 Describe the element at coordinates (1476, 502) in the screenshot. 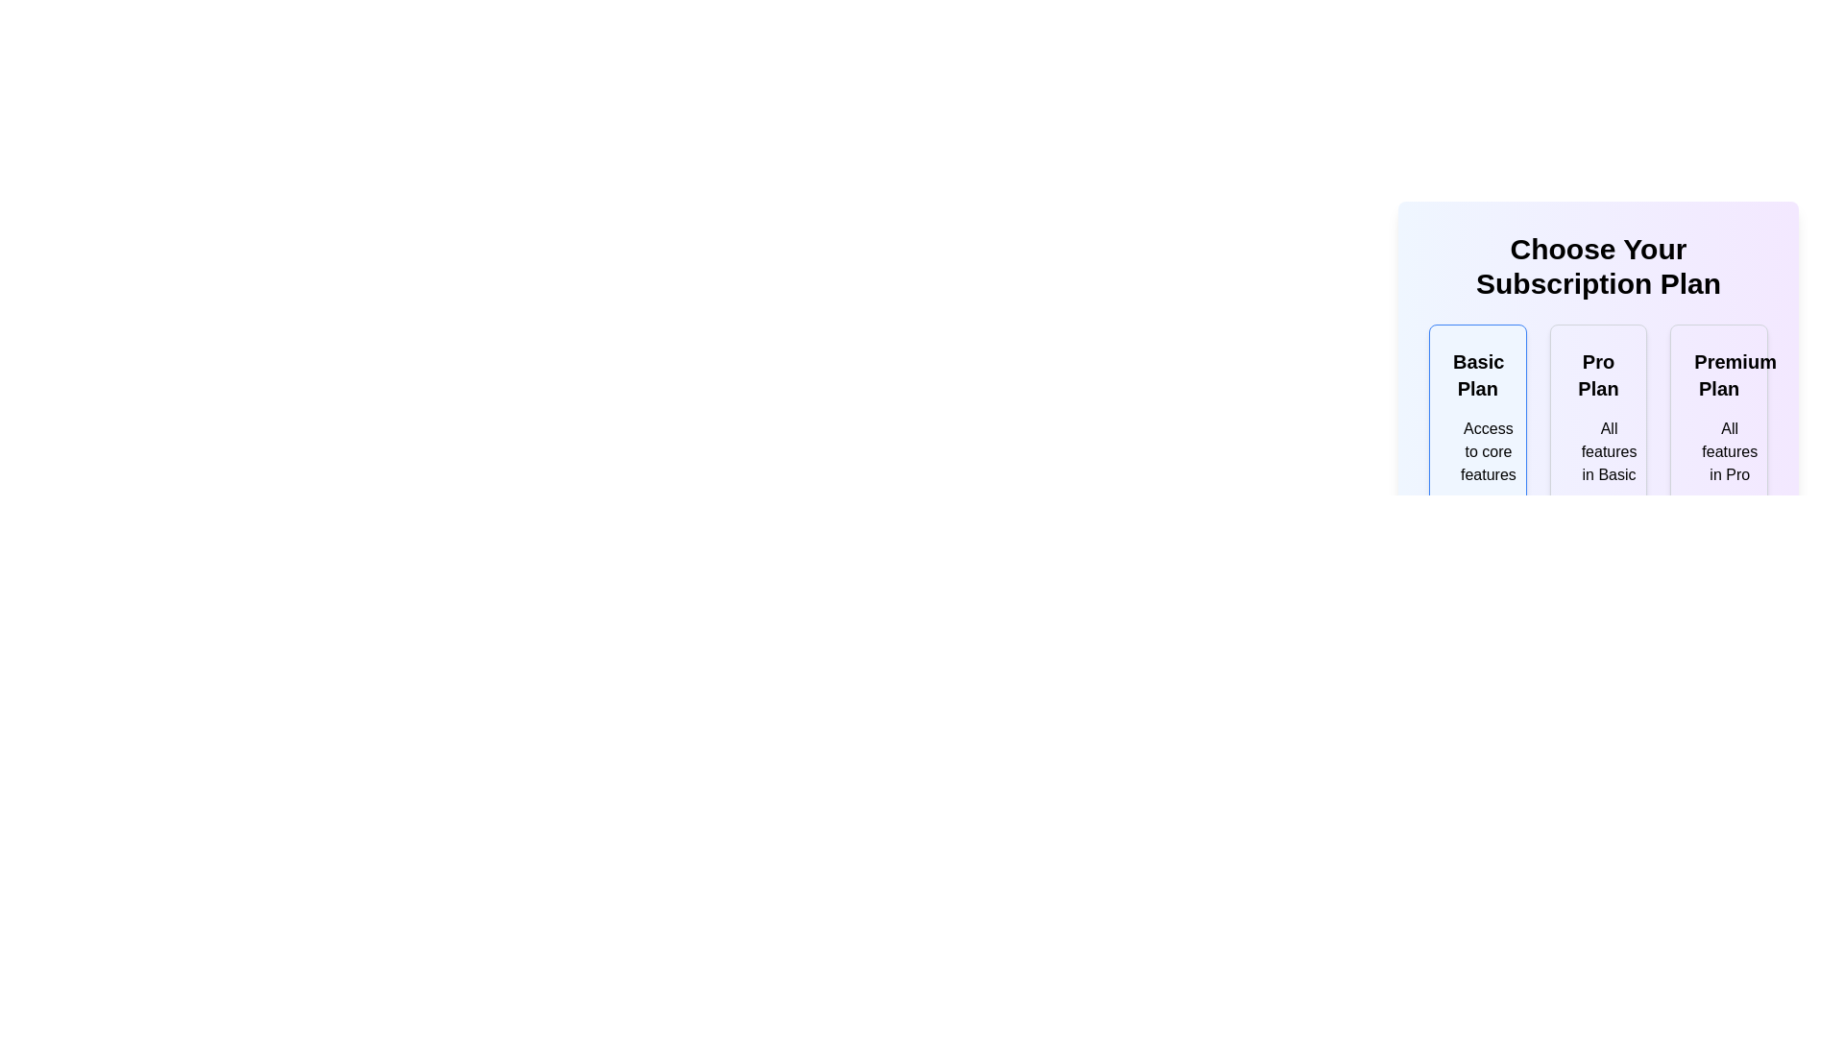

I see `the 'Basic Plan' subscription card located in the top-left position of the row layout` at that location.